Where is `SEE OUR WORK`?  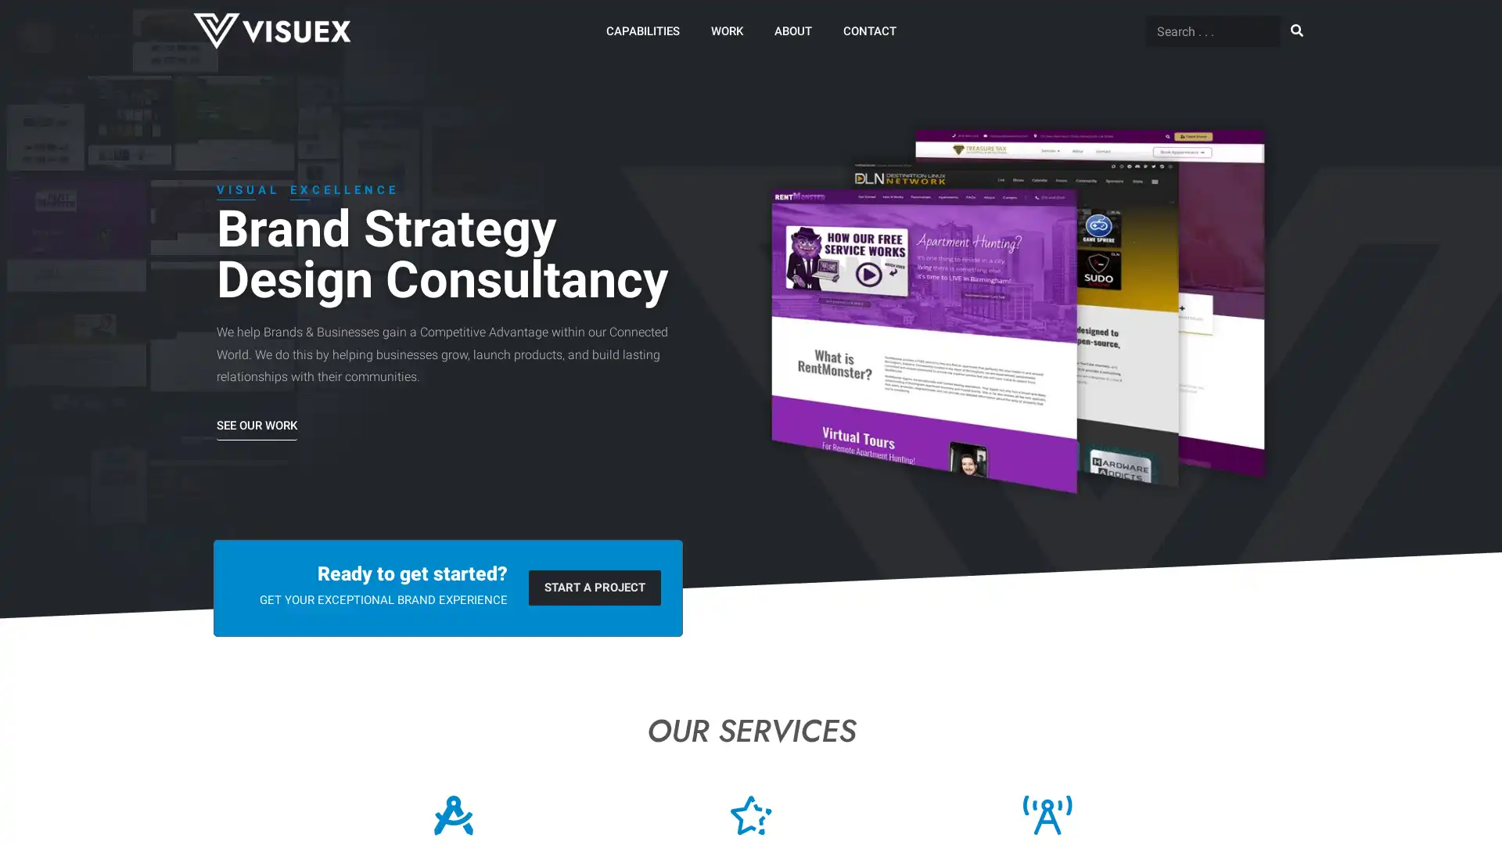
SEE OUR WORK is located at coordinates (257, 429).